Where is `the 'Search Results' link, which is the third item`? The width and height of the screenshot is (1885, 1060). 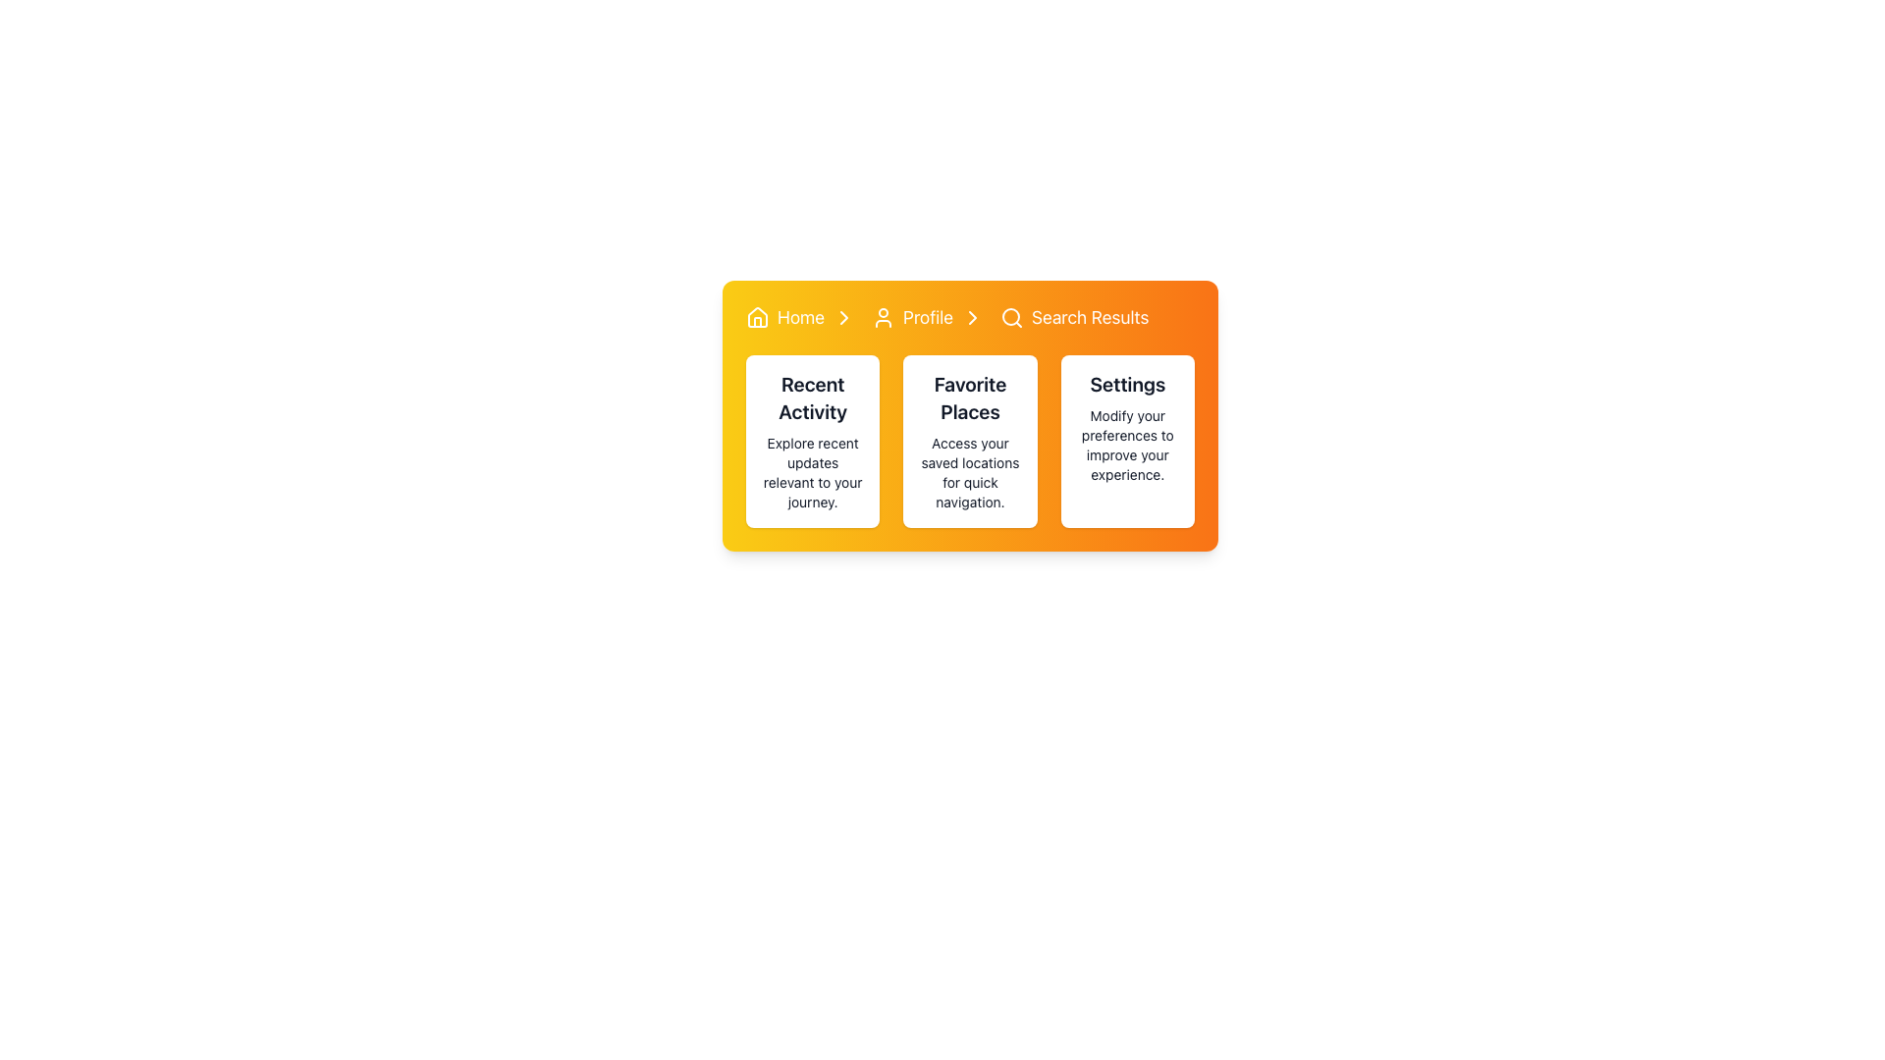
the 'Search Results' link, which is the third item is located at coordinates (1073, 317).